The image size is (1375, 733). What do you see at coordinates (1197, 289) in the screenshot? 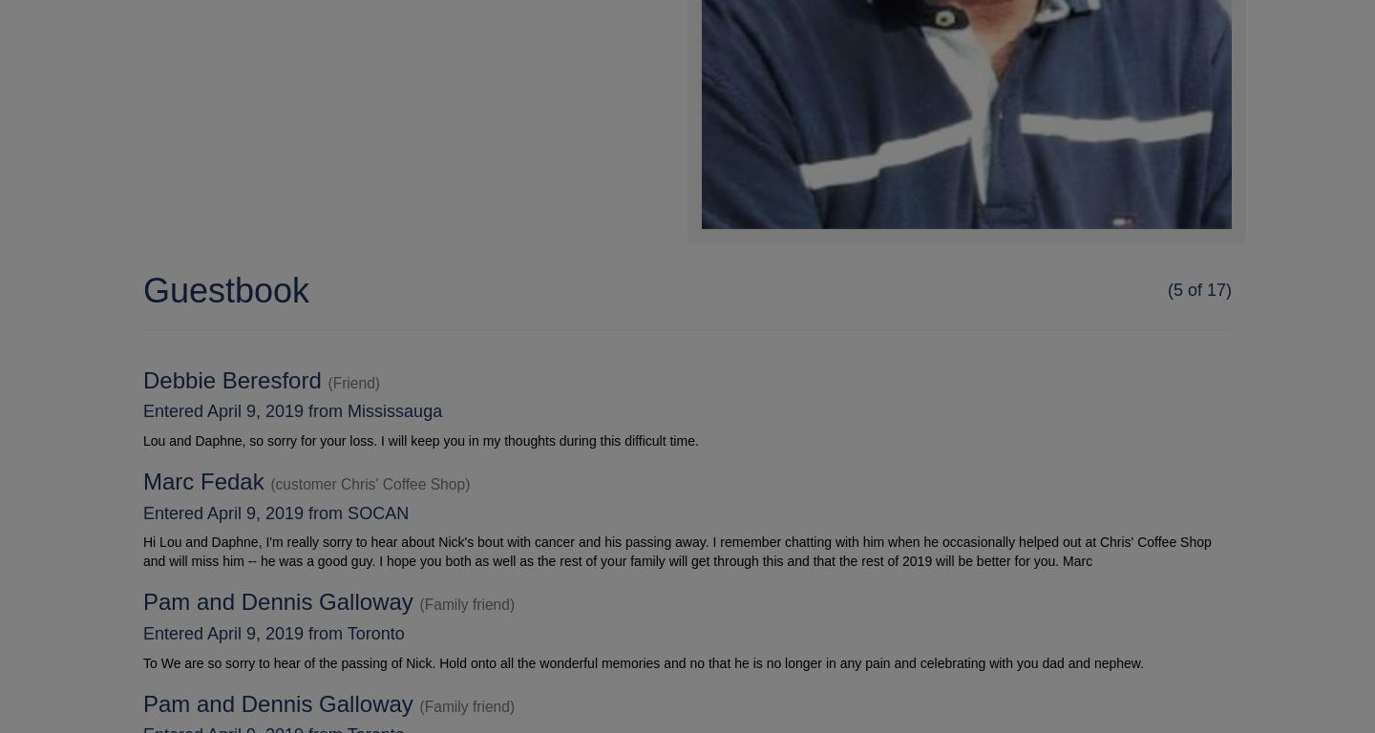
I see `'(5
						
						
						of
						17)'` at bounding box center [1197, 289].